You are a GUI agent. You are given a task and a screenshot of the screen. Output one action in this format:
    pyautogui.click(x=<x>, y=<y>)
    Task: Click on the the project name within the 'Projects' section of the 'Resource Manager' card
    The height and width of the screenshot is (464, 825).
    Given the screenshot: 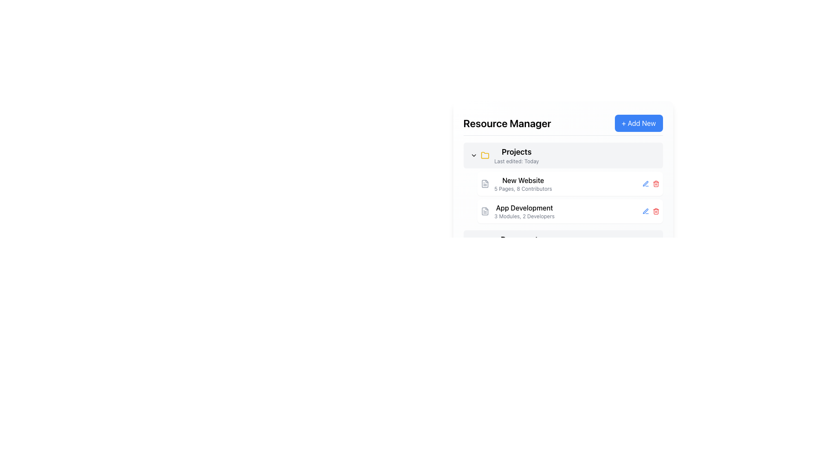 What is the action you would take?
    pyautogui.click(x=563, y=199)
    